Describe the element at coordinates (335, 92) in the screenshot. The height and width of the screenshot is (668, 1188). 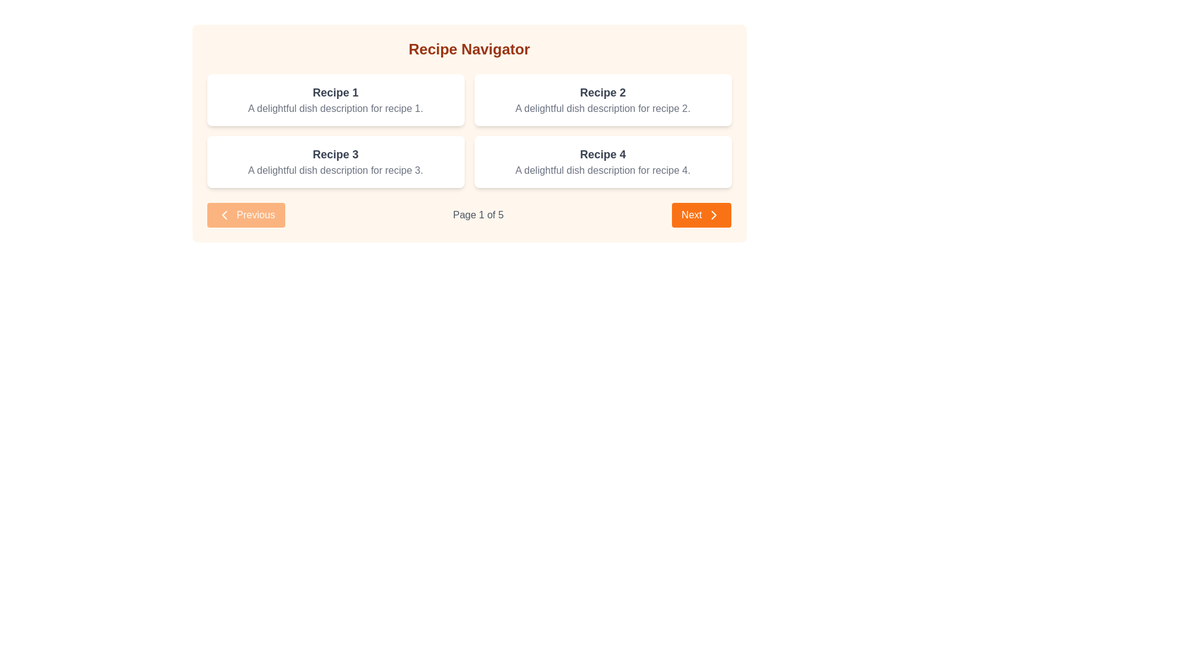
I see `the text label displaying the title 'Recipe 1' in large, bold, gray font located in the top-left card of a 2x2 grid layout` at that location.